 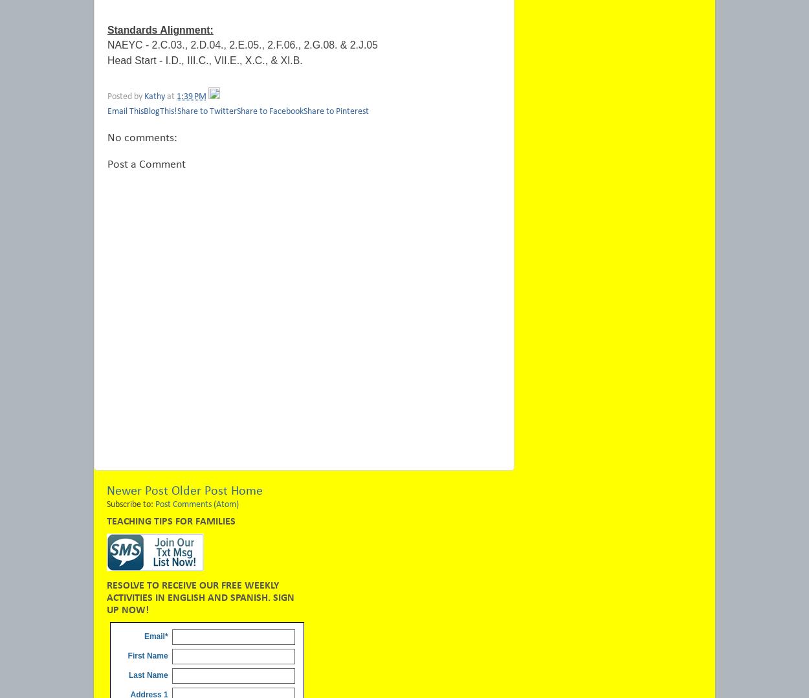 What do you see at coordinates (177, 96) in the screenshot?
I see `'1:39 PM'` at bounding box center [177, 96].